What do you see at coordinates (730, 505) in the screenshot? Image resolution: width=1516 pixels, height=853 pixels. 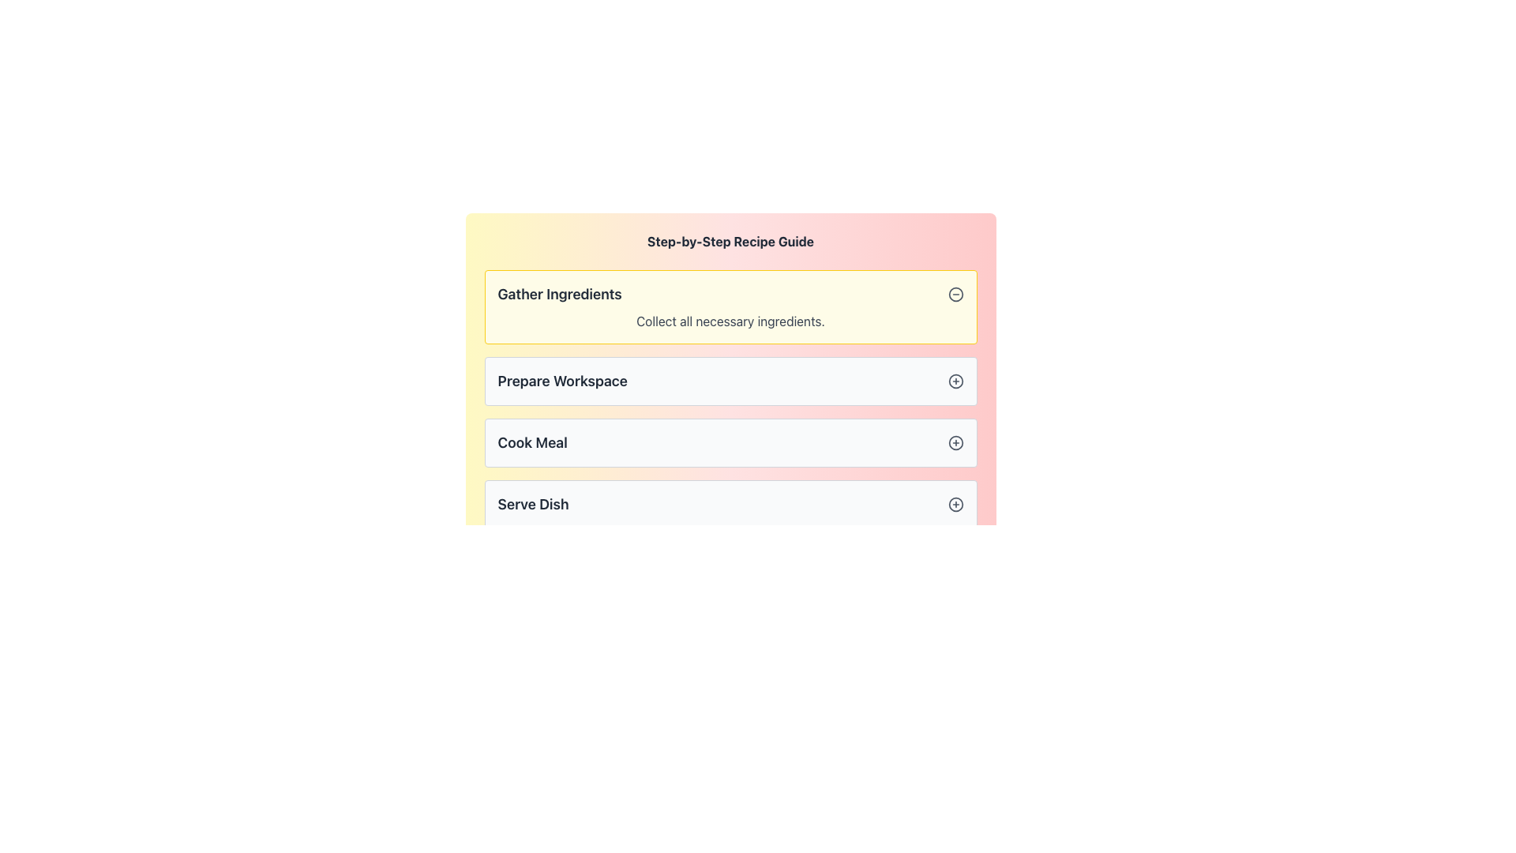 I see `the collapsible list item component titled 'Serve Dish' which is the last item in the 'Step-by-Step Recipe Guide', featuring a light gray background with a plus sign button` at bounding box center [730, 505].